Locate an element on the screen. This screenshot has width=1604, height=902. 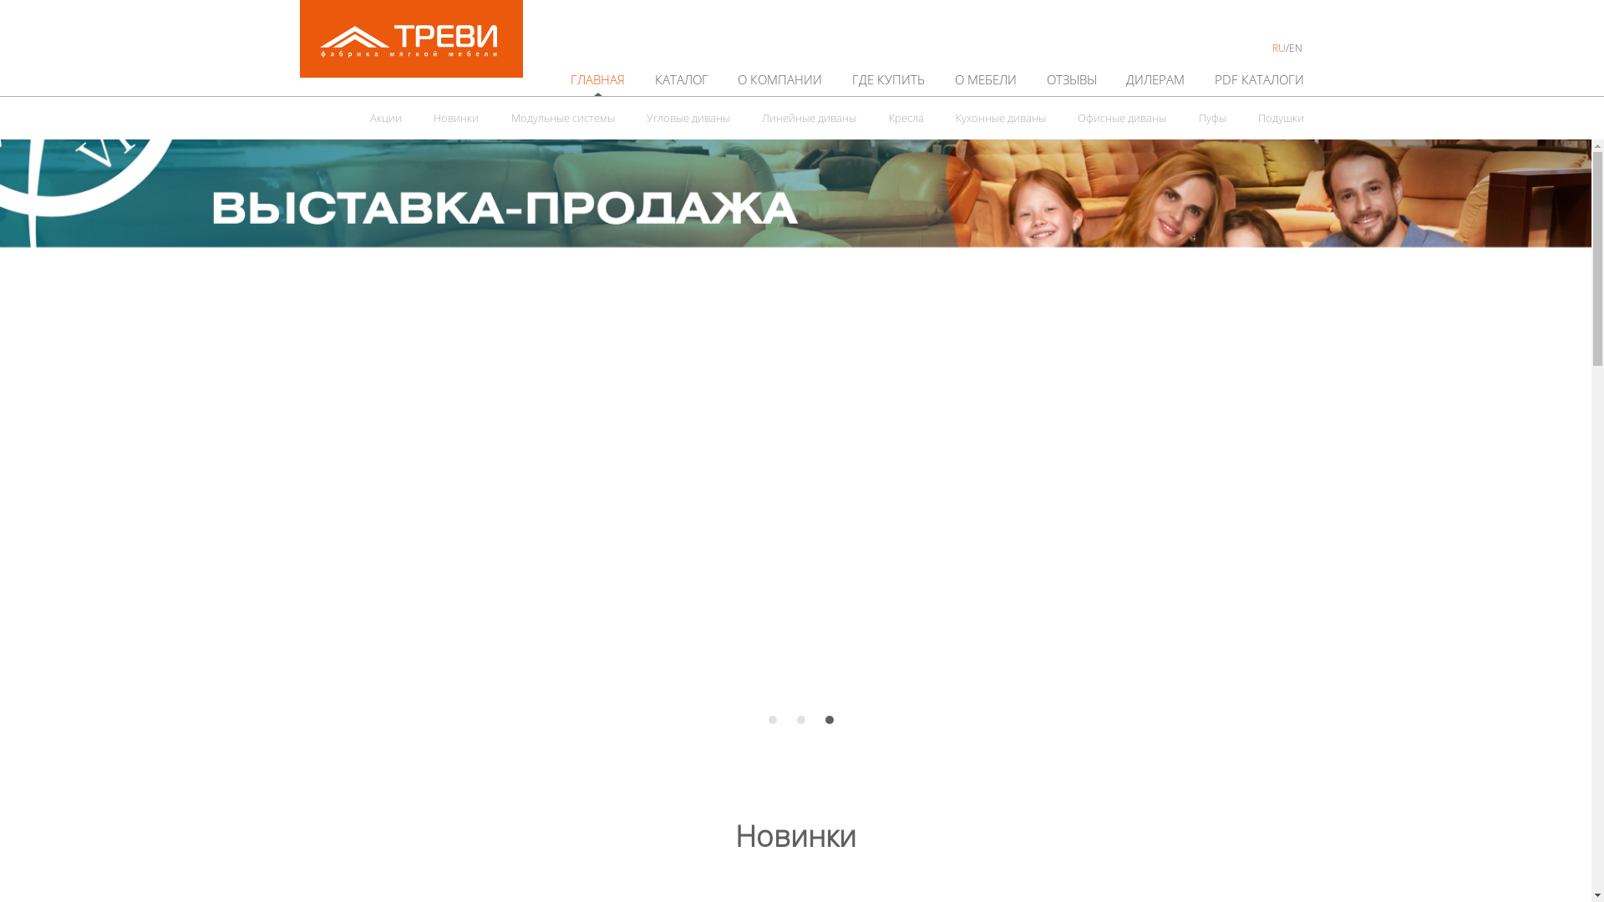
'RU' is located at coordinates (1278, 47).